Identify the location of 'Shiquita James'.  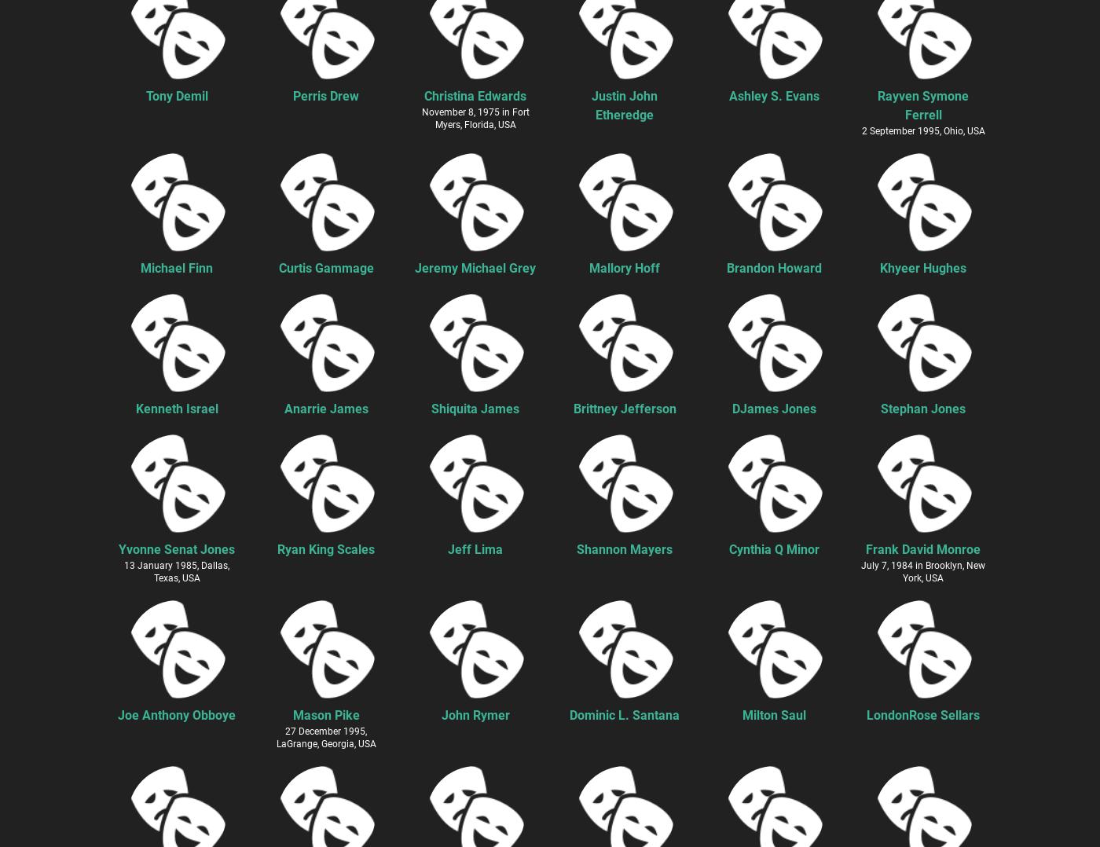
(475, 408).